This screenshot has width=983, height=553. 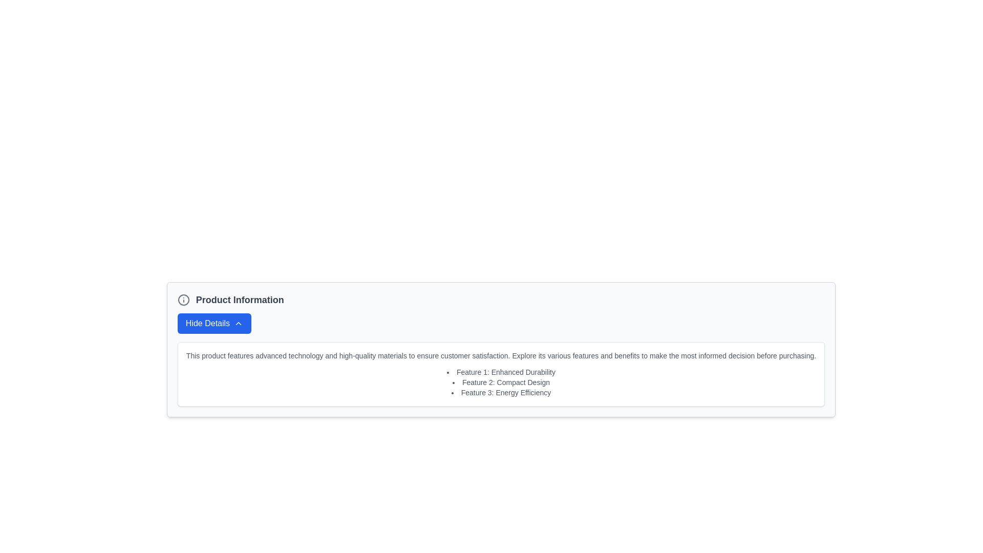 What do you see at coordinates (213, 324) in the screenshot?
I see `the button with a blue background and white text reading 'Hide Details' to observe the hover state change` at bounding box center [213, 324].